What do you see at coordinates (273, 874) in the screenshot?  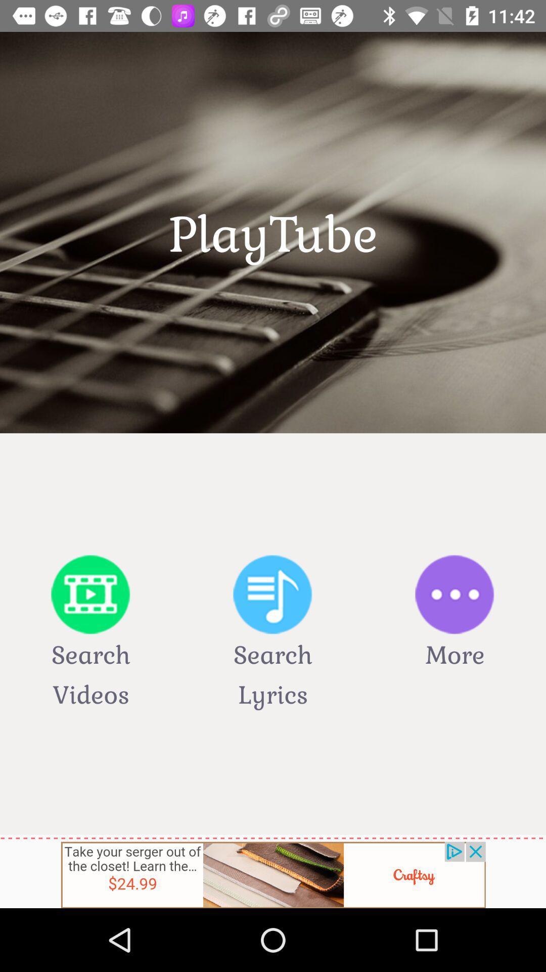 I see `advertisement` at bounding box center [273, 874].